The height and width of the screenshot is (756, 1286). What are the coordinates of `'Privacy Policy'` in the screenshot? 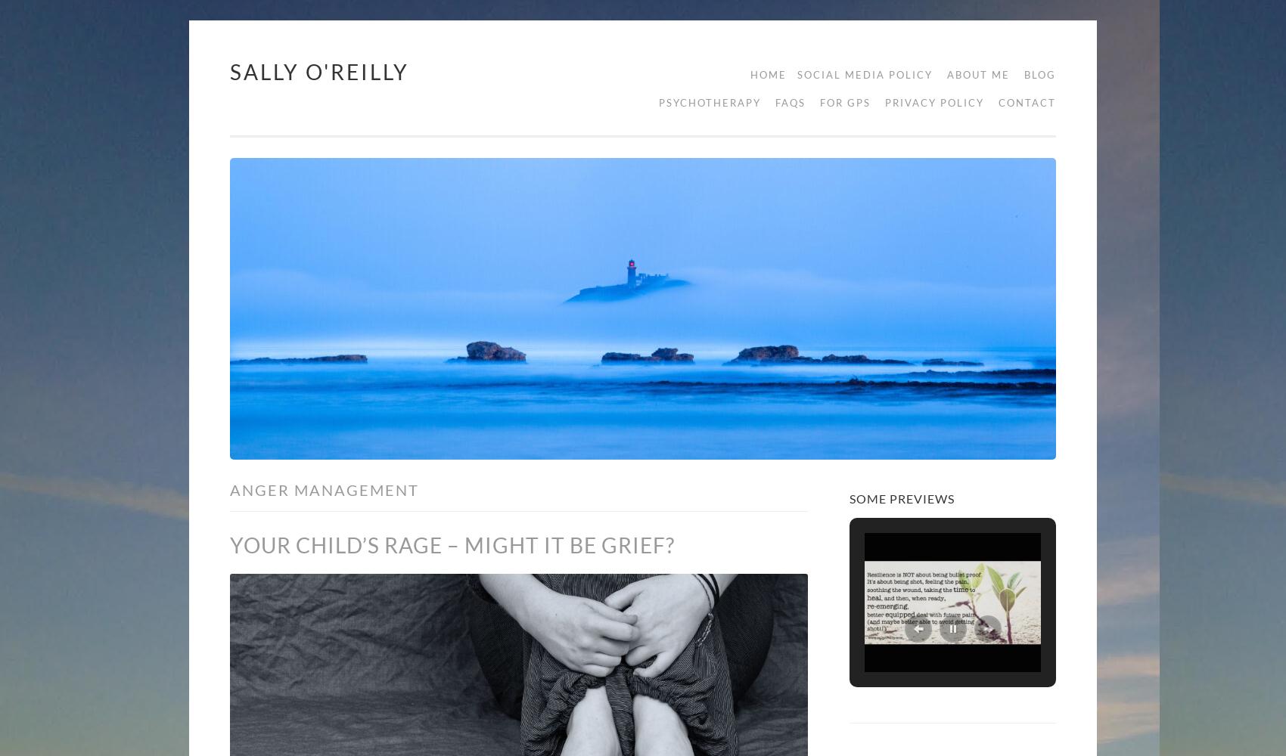 It's located at (933, 103).